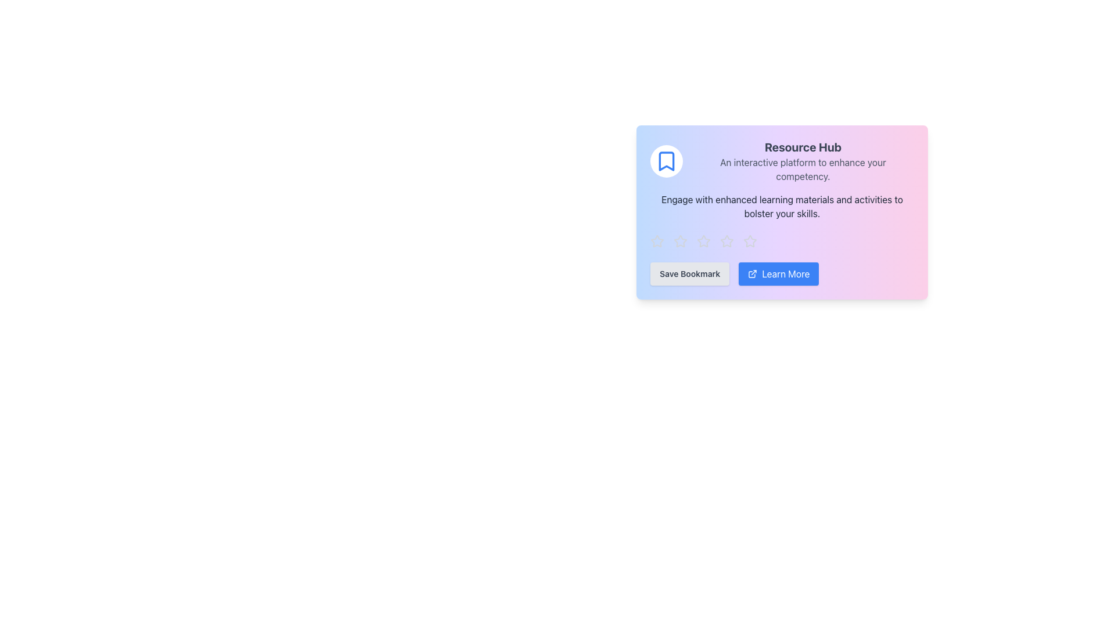 The image size is (1115, 627). Describe the element at coordinates (779, 273) in the screenshot. I see `the blue 'Learn More' button located at the right side of the two buttons under the 'Resource Hub' section` at that location.